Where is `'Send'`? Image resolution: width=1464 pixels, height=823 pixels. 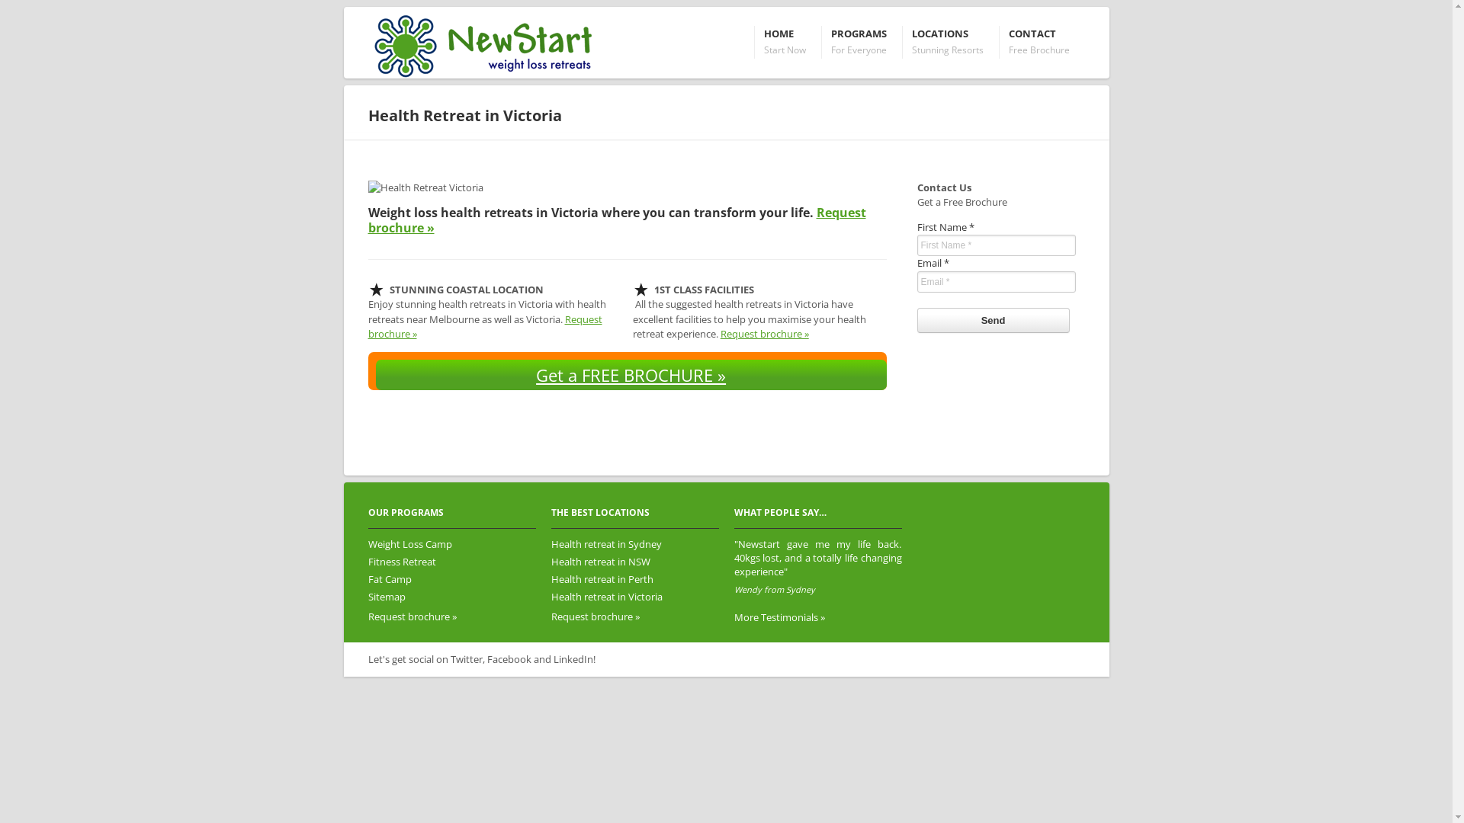
'Send' is located at coordinates (992, 319).